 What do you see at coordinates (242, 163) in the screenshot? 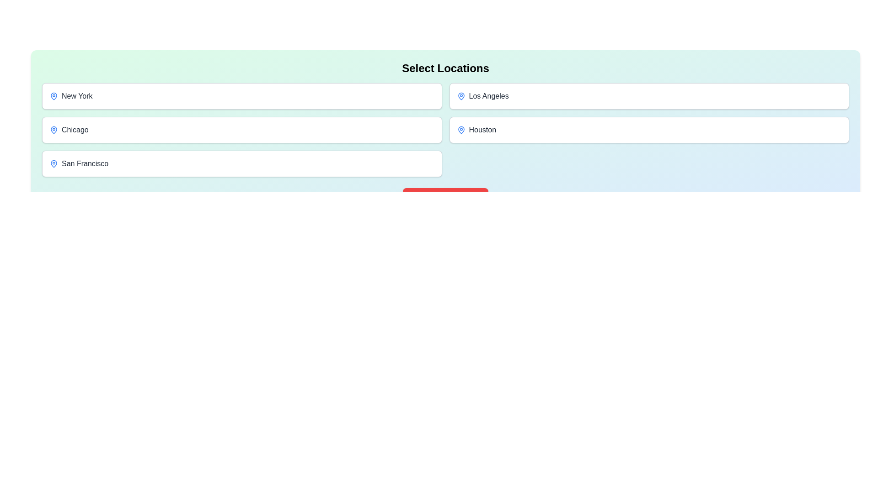
I see `the button corresponding to the location San Francisco` at bounding box center [242, 163].